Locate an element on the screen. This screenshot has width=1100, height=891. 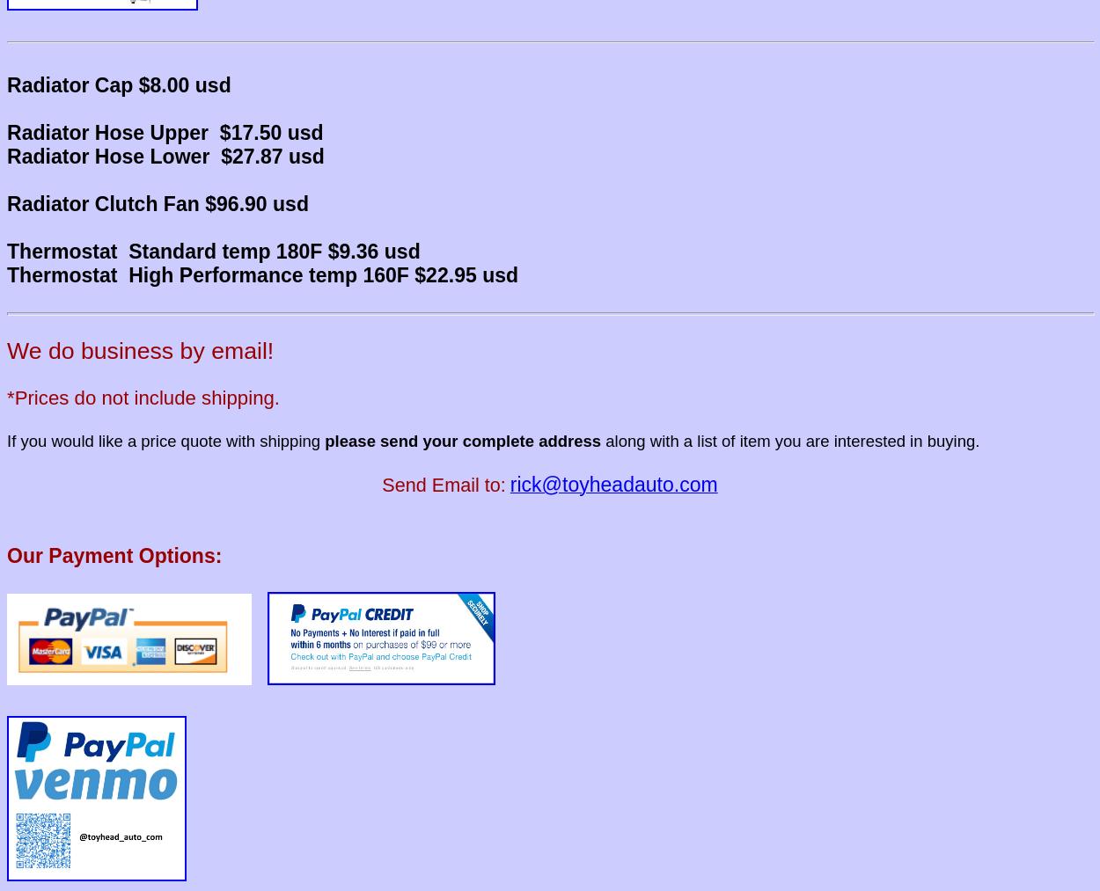
'*Prices









                      do not include shipping.' is located at coordinates (143, 396).